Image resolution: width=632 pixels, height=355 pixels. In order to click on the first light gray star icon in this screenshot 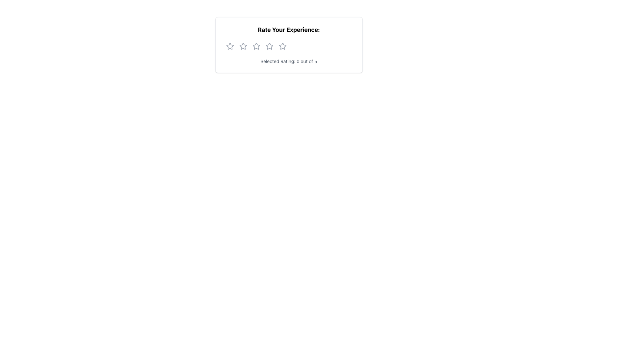, I will do `click(230, 46)`.